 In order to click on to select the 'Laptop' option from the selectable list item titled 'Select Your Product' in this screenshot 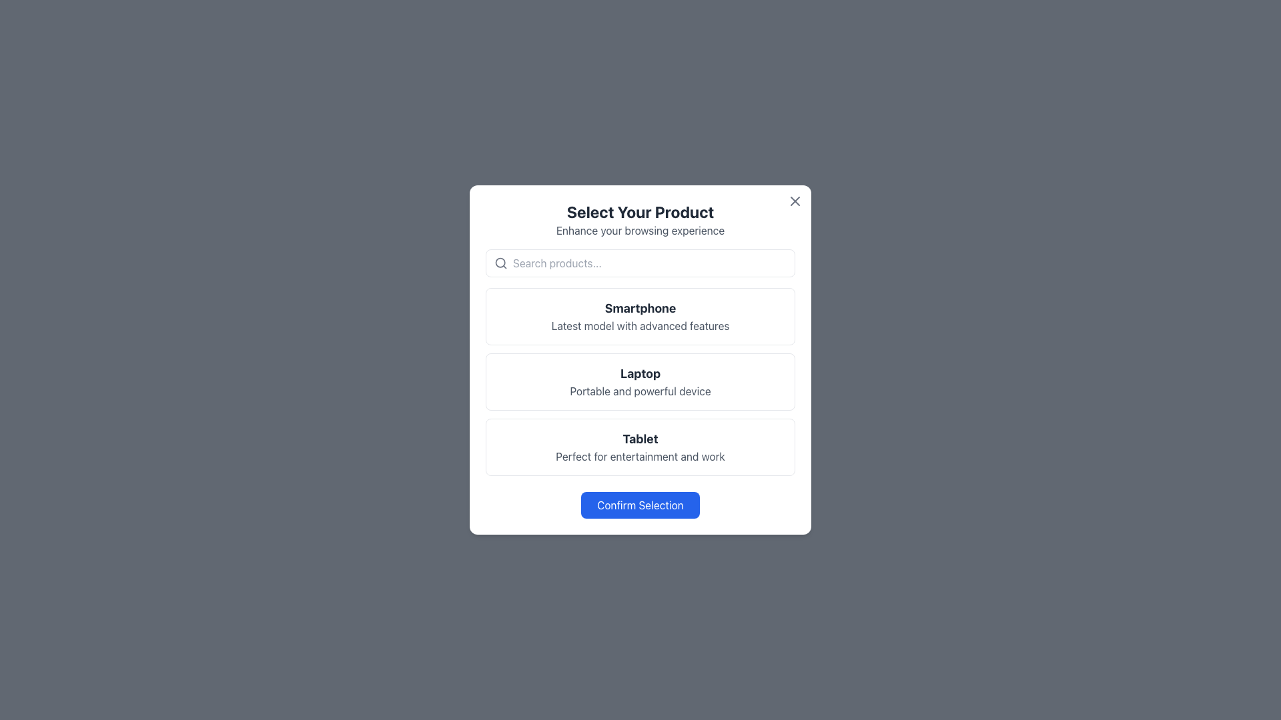, I will do `click(640, 360)`.